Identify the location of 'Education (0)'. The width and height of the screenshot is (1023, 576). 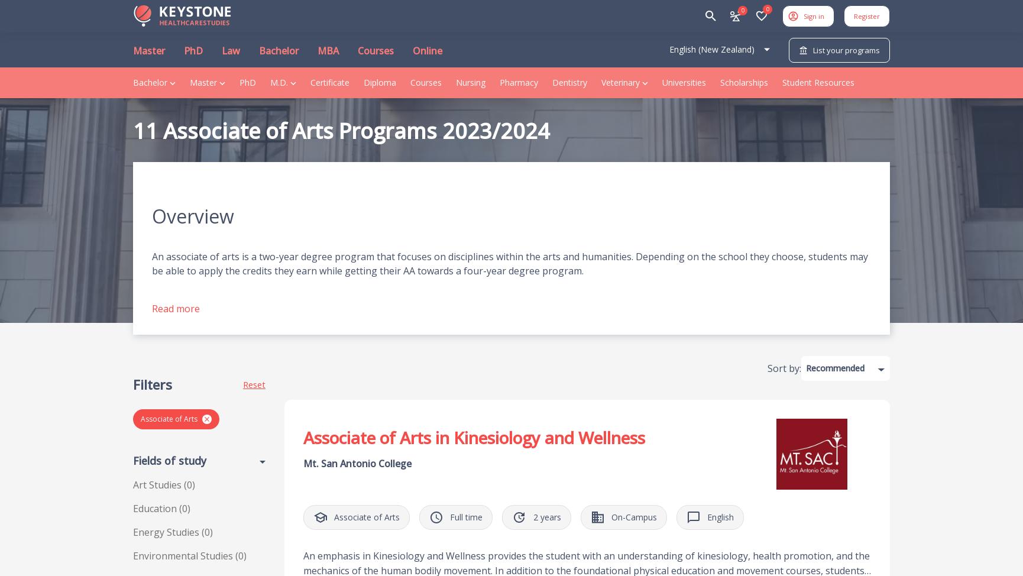
(161, 509).